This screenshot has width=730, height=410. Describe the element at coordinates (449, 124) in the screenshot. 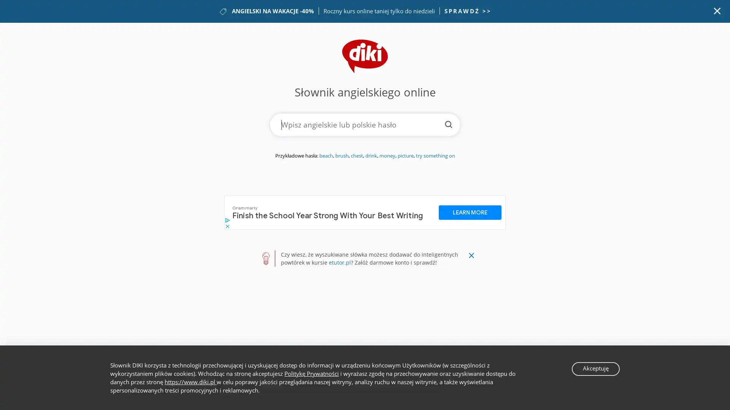

I see `Szukaj` at that location.